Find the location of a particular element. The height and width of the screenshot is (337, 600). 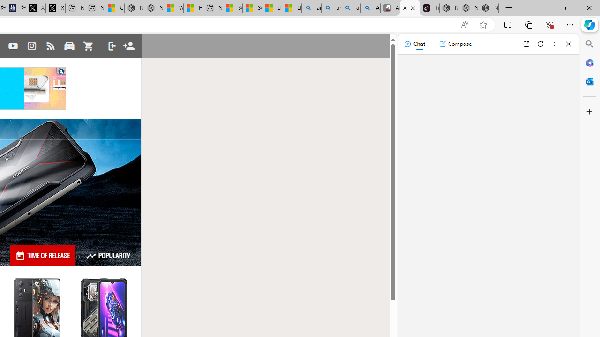

'Class: qc-adchoices-link top-right ' is located at coordinates (61, 70).